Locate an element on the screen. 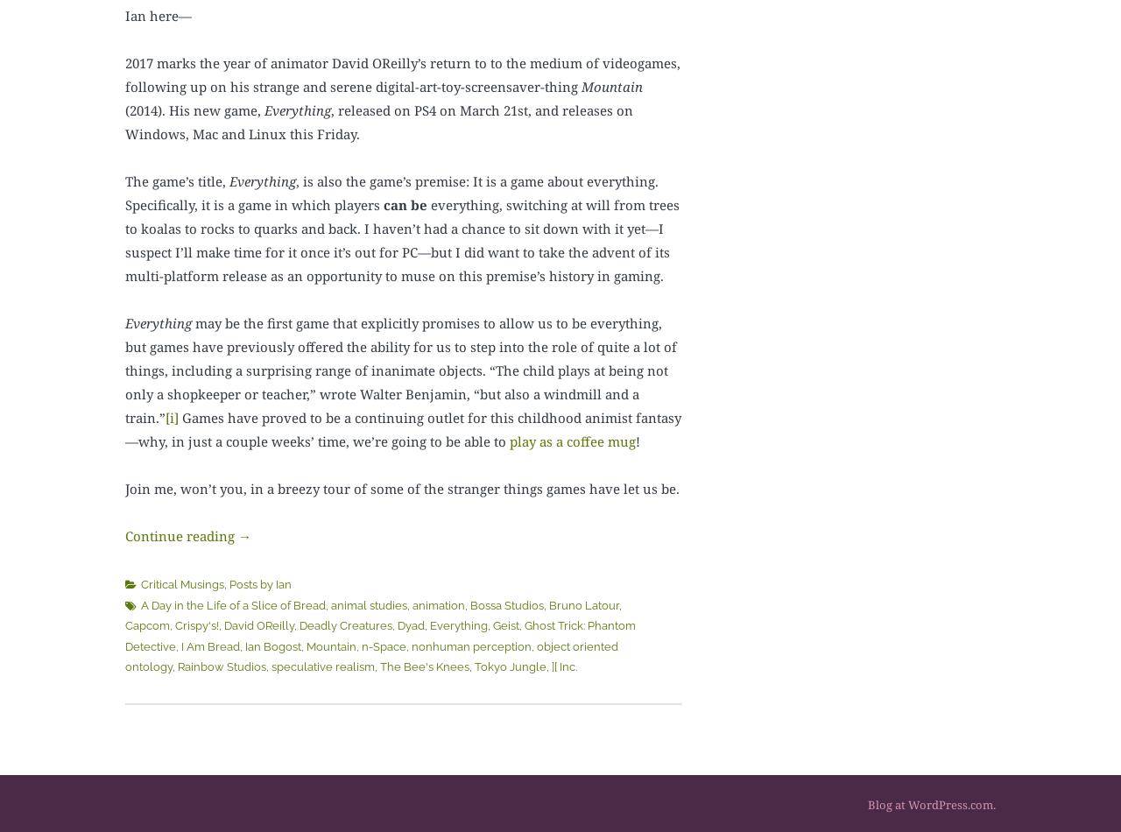  '][ Inc.' is located at coordinates (564, 666).